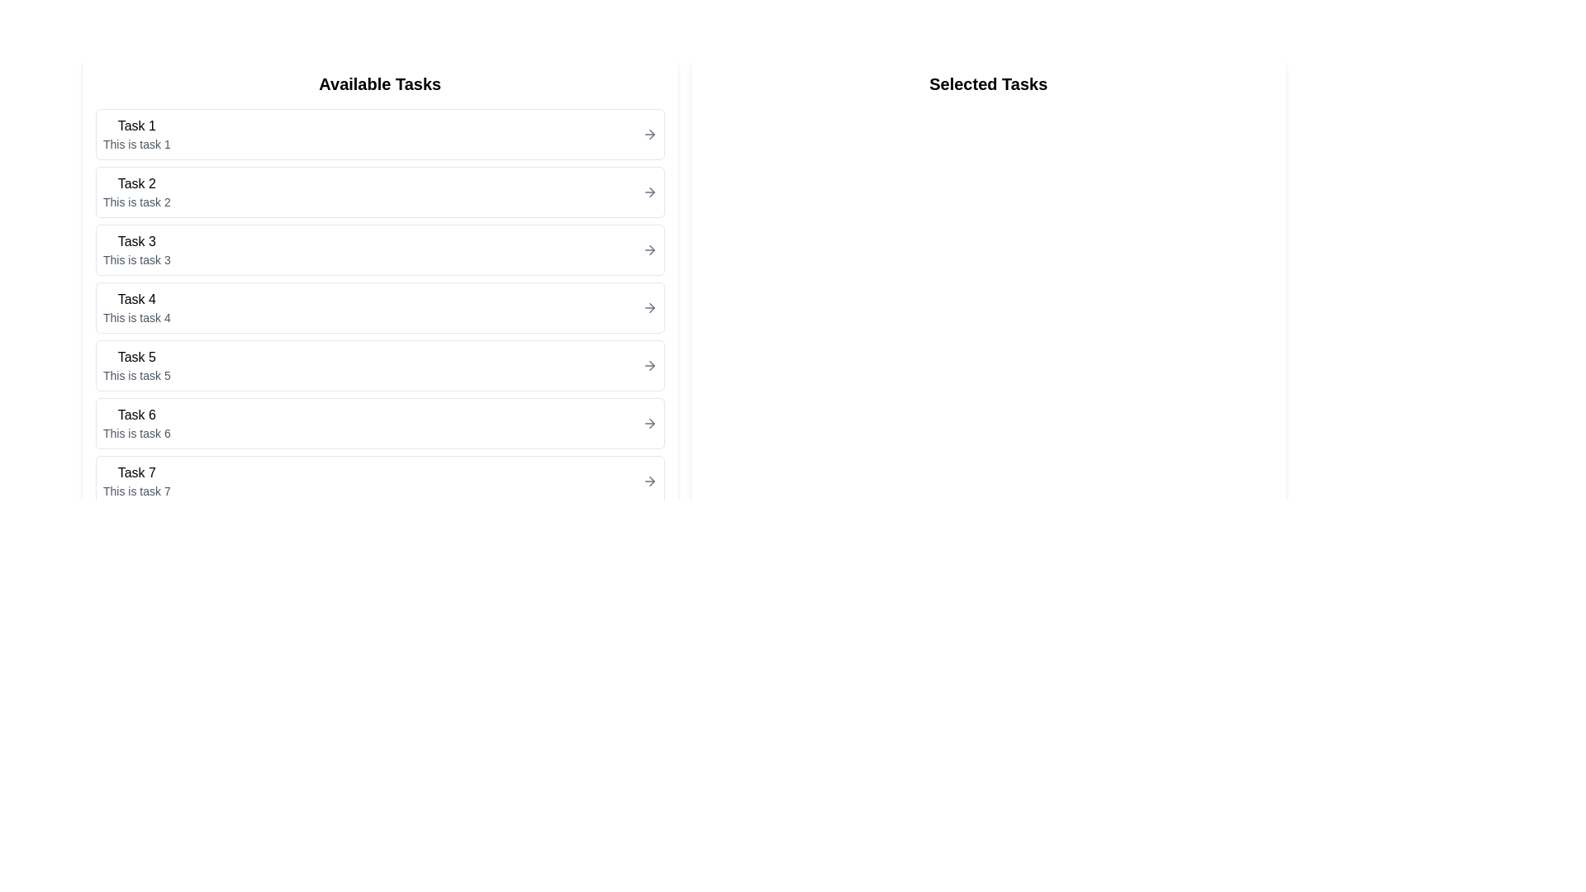 The width and height of the screenshot is (1586, 892). I want to click on the text element displaying 'Task 5', which is the title of the fifth item in the 'Available Tasks' list, so click(136, 356).